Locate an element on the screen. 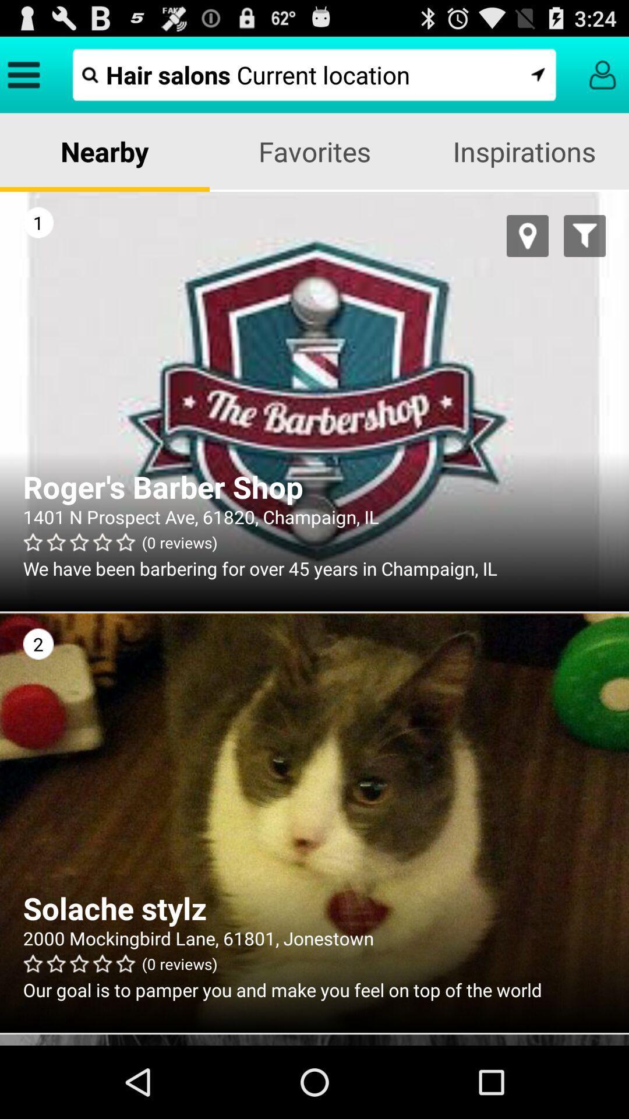 The height and width of the screenshot is (1119, 629). the favorites app is located at coordinates (314, 150).